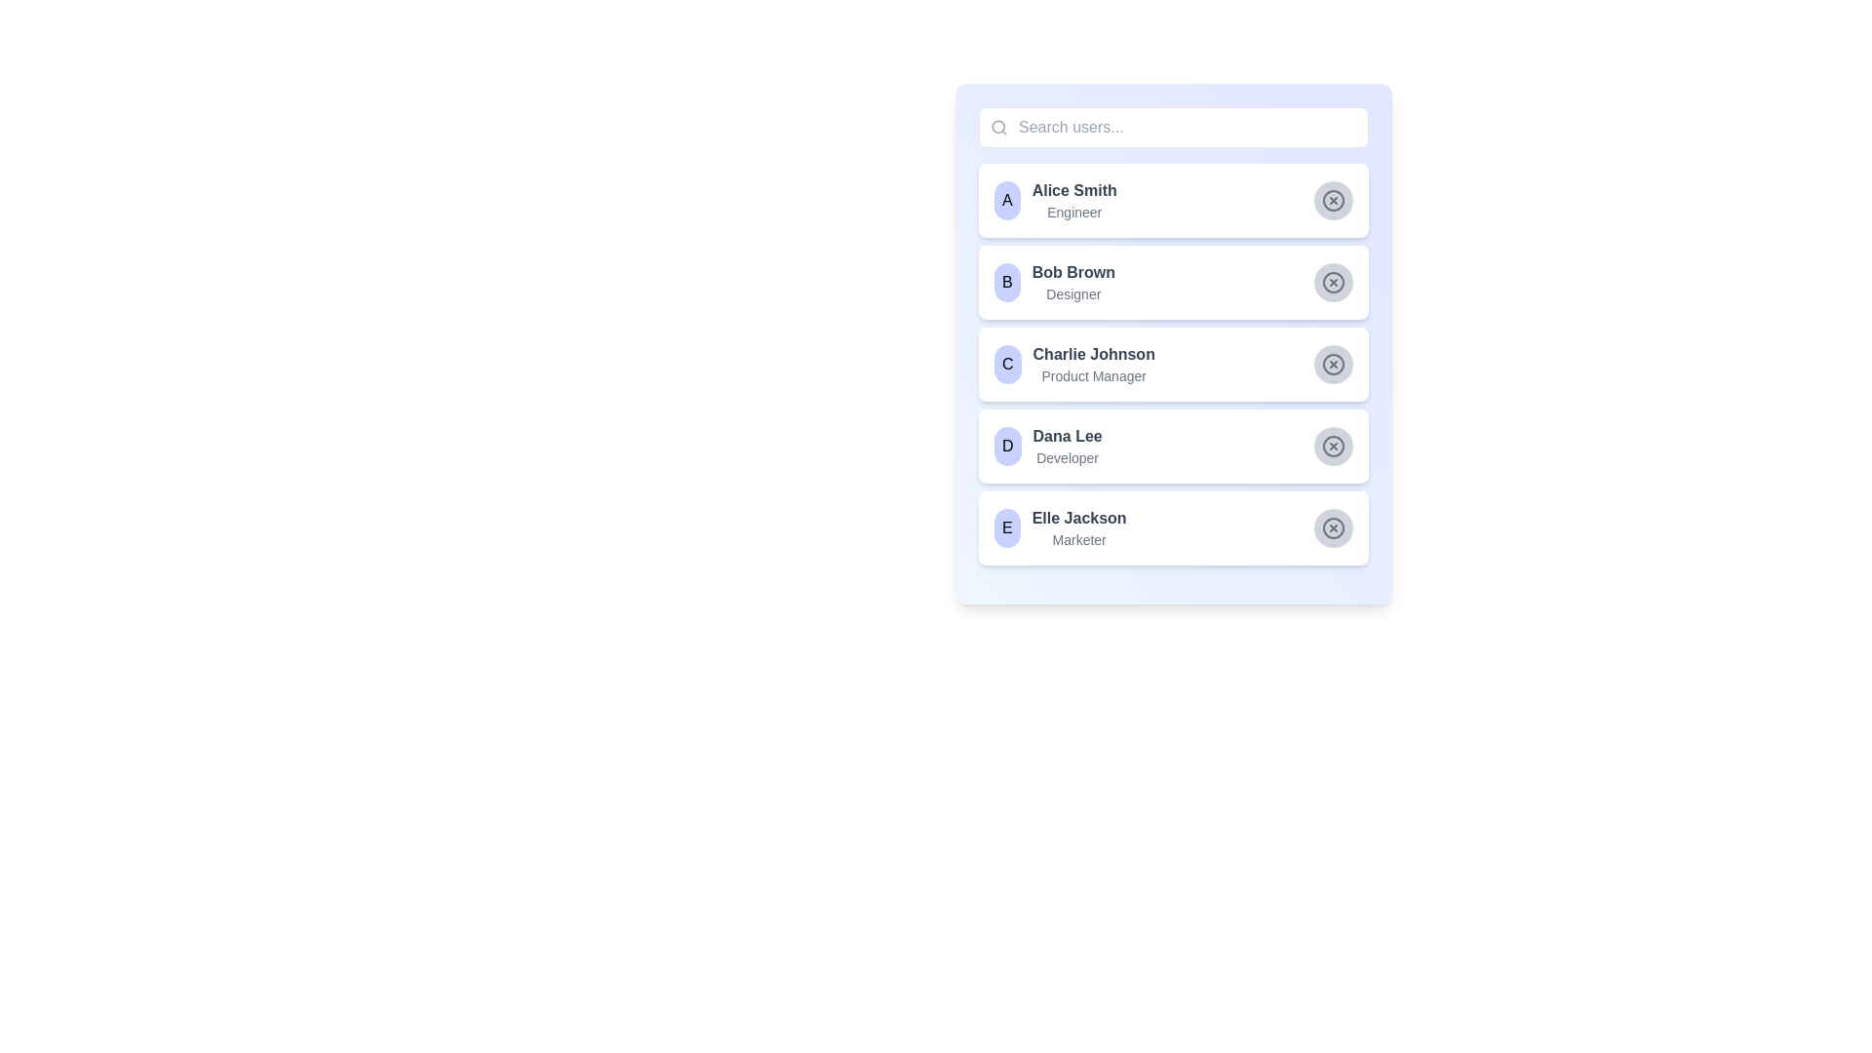  Describe the element at coordinates (1047, 447) in the screenshot. I see `the user profile entry in the third row of the user list panel, which displays the user's avatar, name, and role, located between 'Charlie Johnson, Product Manager' and 'Elle Jackson, Marketer'` at that location.